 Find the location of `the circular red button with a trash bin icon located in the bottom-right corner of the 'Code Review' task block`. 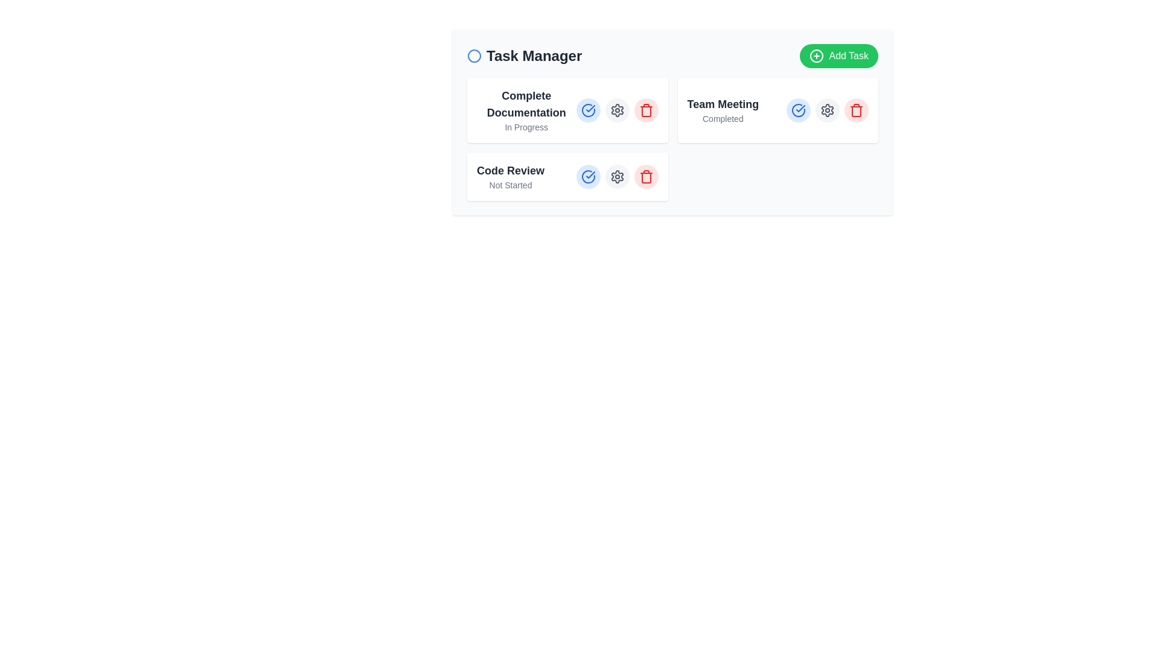

the circular red button with a trash bin icon located in the bottom-right corner of the 'Code Review' task block is located at coordinates (645, 177).